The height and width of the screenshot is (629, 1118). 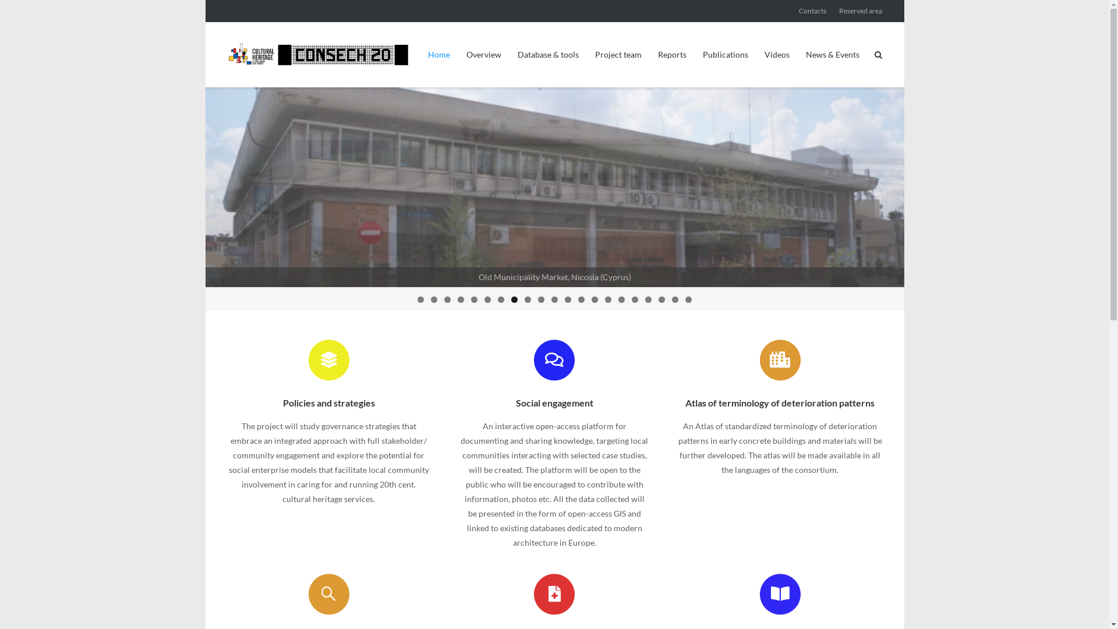 What do you see at coordinates (553, 186) in the screenshot?
I see `'Pavillion S, Sporting Palace'` at bounding box center [553, 186].